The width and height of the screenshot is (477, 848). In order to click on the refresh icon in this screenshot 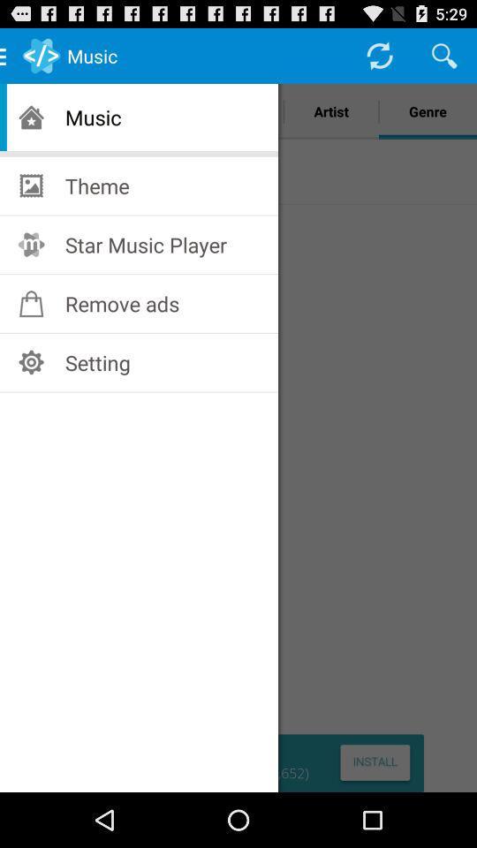, I will do `click(378, 59)`.